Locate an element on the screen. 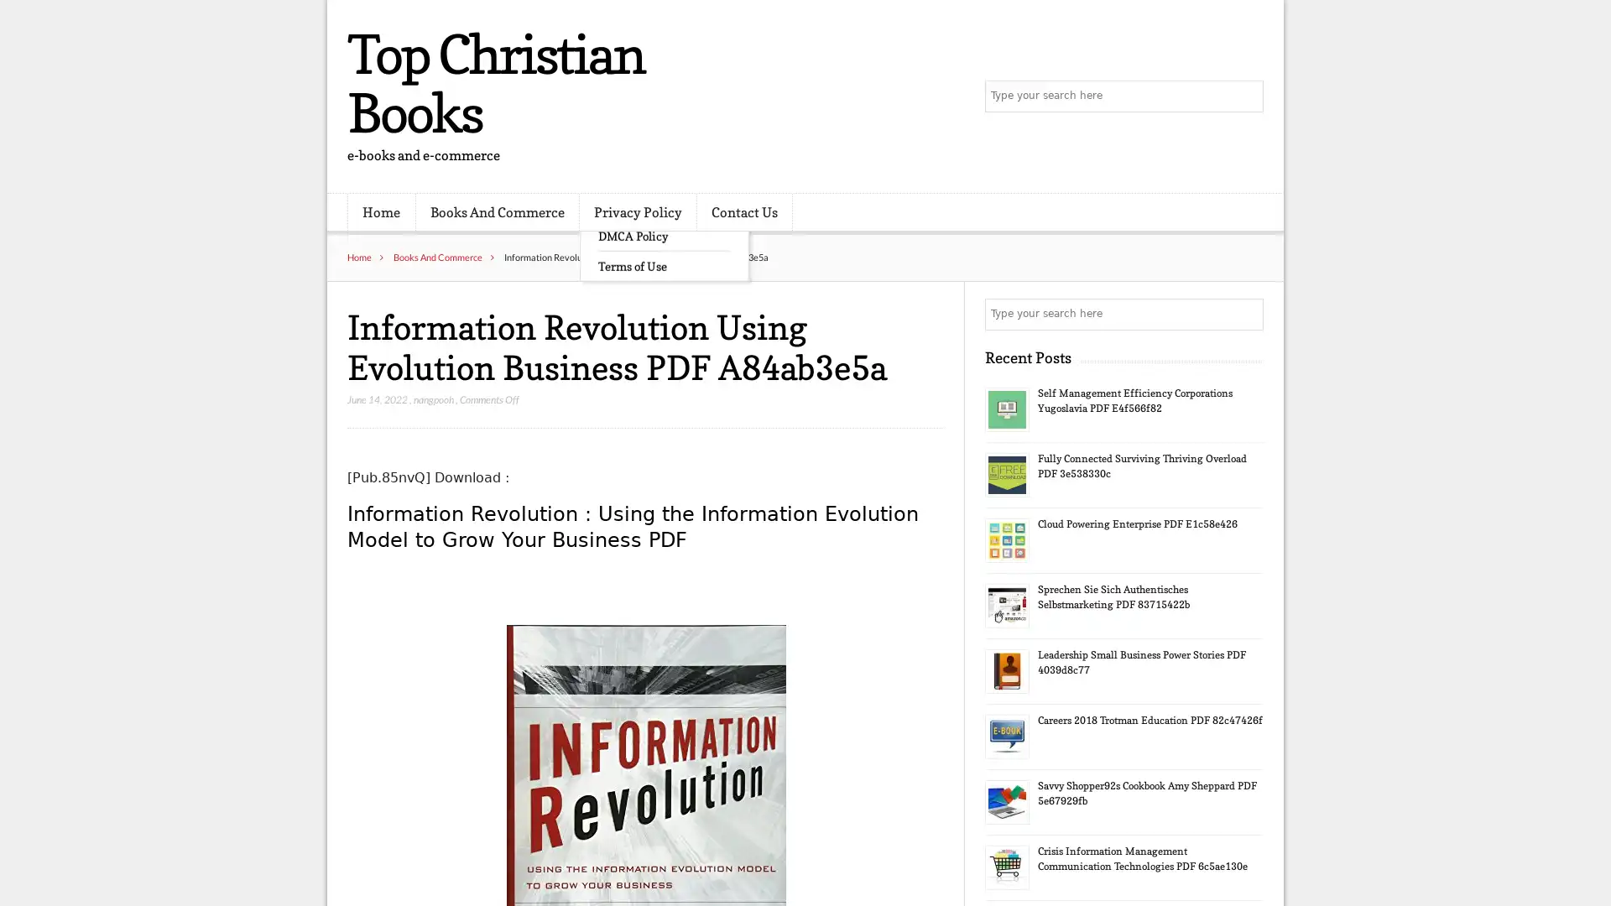 This screenshot has width=1611, height=906. Search is located at coordinates (1246, 96).